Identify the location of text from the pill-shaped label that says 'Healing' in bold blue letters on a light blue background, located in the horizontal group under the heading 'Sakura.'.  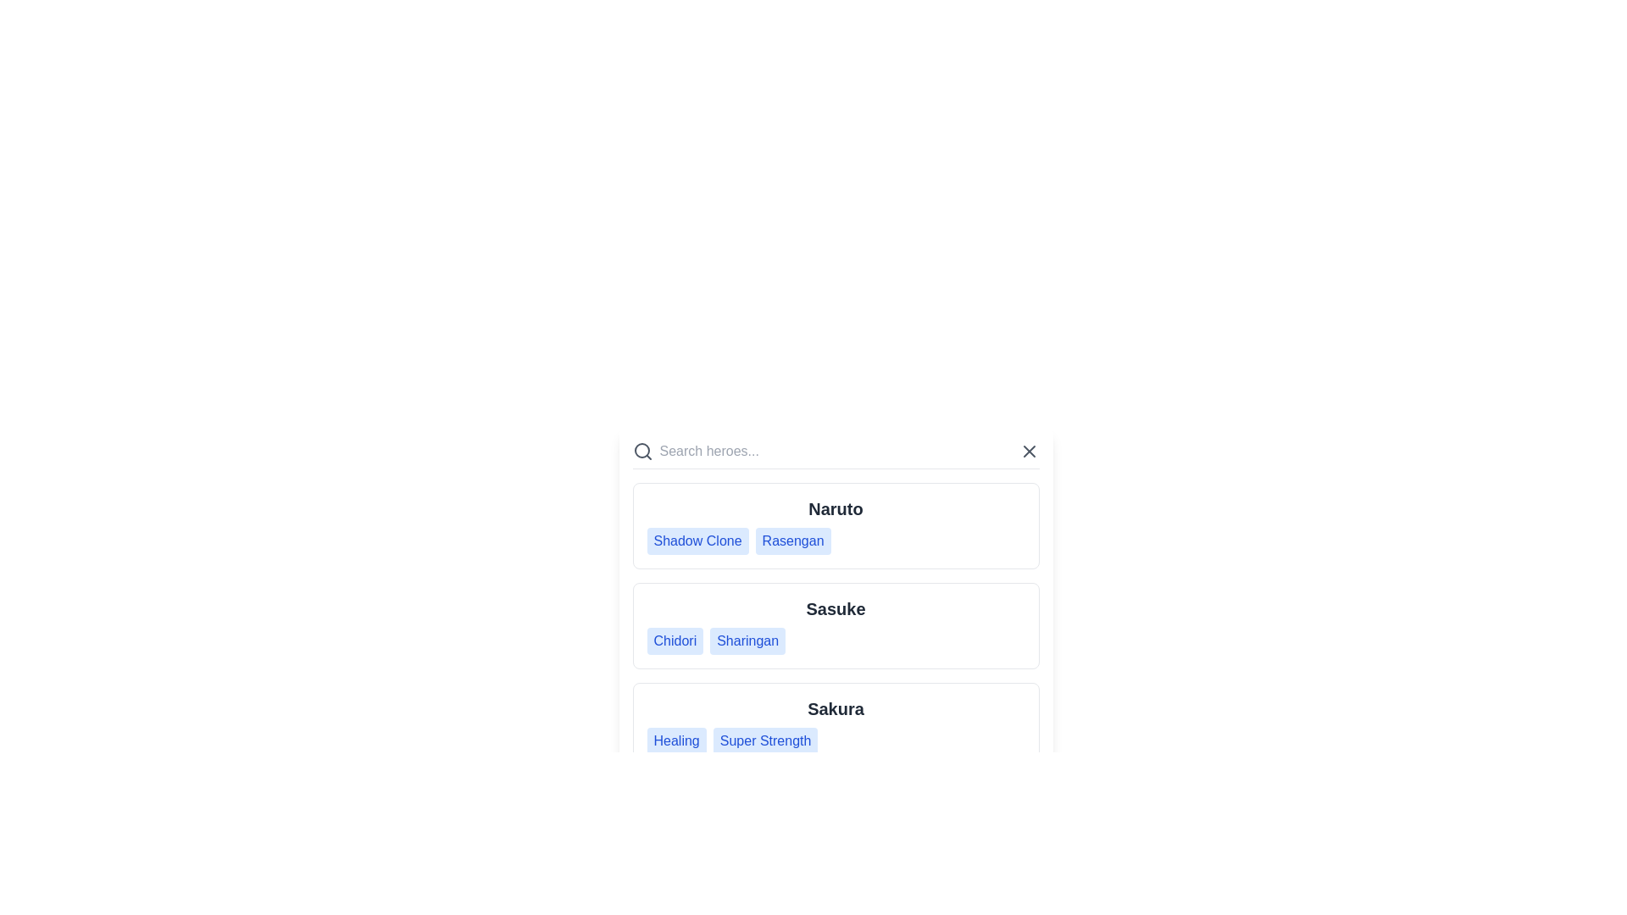
(675, 740).